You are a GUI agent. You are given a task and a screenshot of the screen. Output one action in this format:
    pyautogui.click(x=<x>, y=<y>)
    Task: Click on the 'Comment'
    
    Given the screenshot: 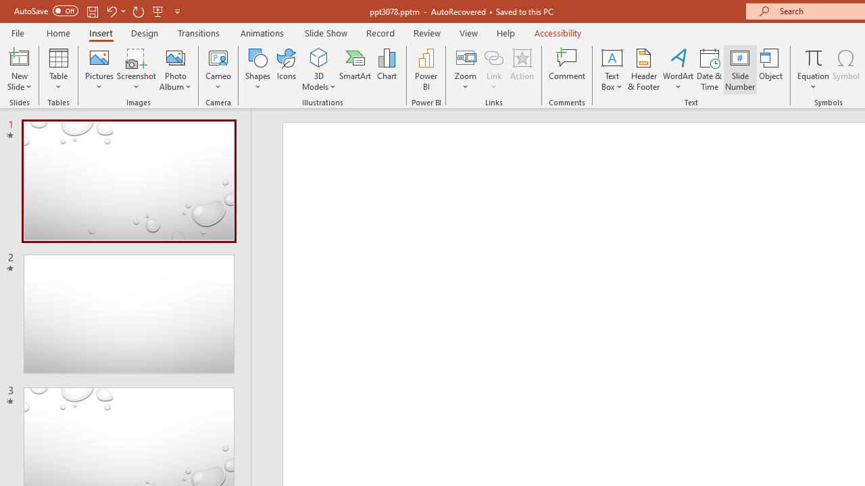 What is the action you would take?
    pyautogui.click(x=567, y=70)
    